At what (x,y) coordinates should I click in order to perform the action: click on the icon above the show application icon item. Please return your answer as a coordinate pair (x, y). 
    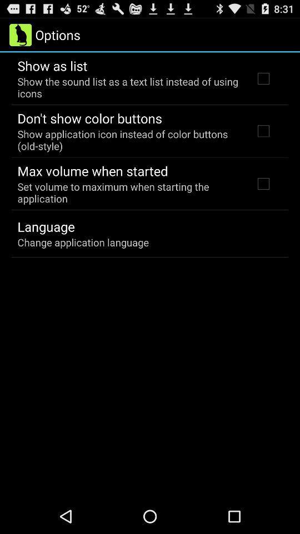
    Looking at the image, I should click on (89, 118).